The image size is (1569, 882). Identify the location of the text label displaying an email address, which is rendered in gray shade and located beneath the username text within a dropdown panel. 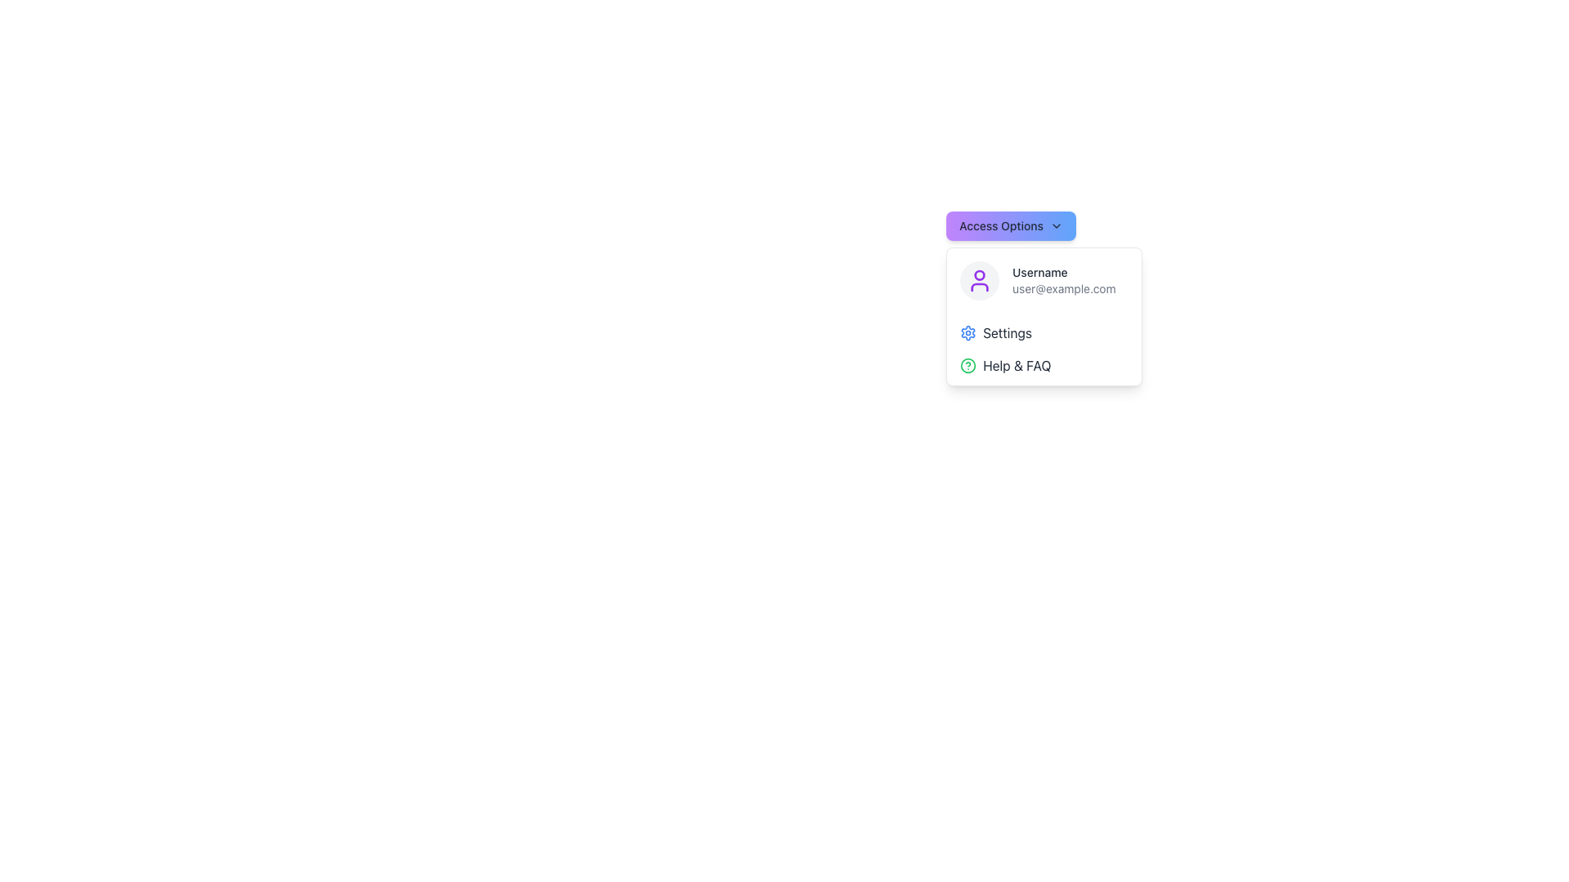
(1064, 288).